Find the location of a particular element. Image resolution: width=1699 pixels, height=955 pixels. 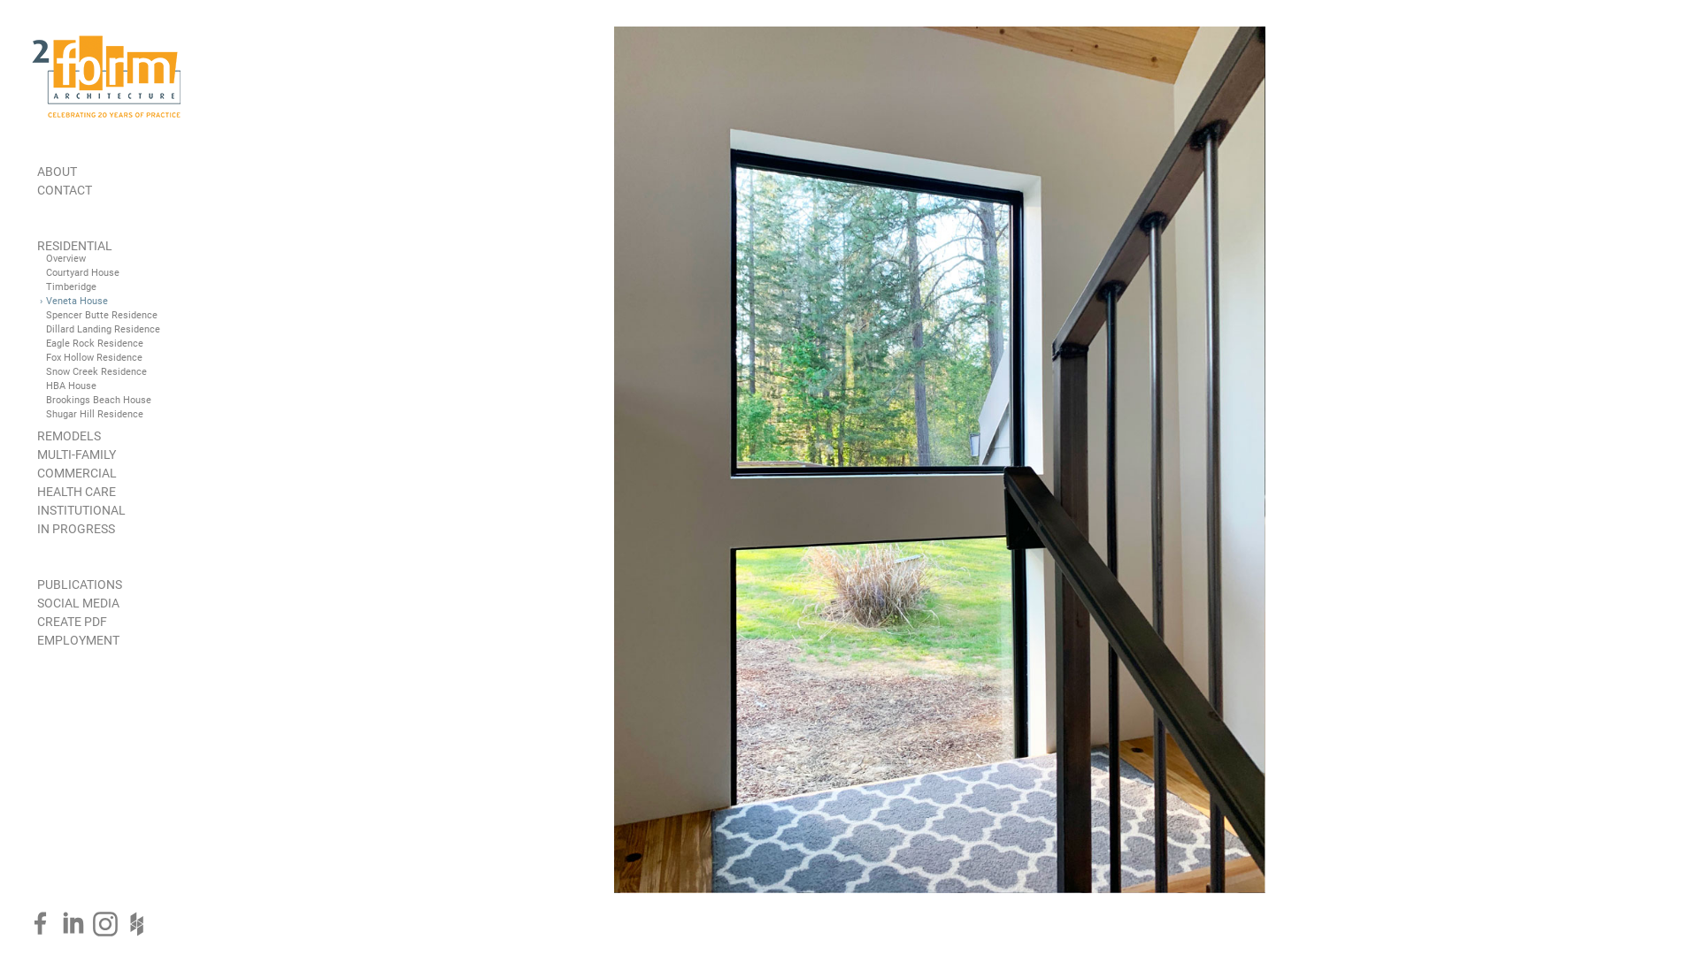

'Eagle Rock Residence' is located at coordinates (93, 343).